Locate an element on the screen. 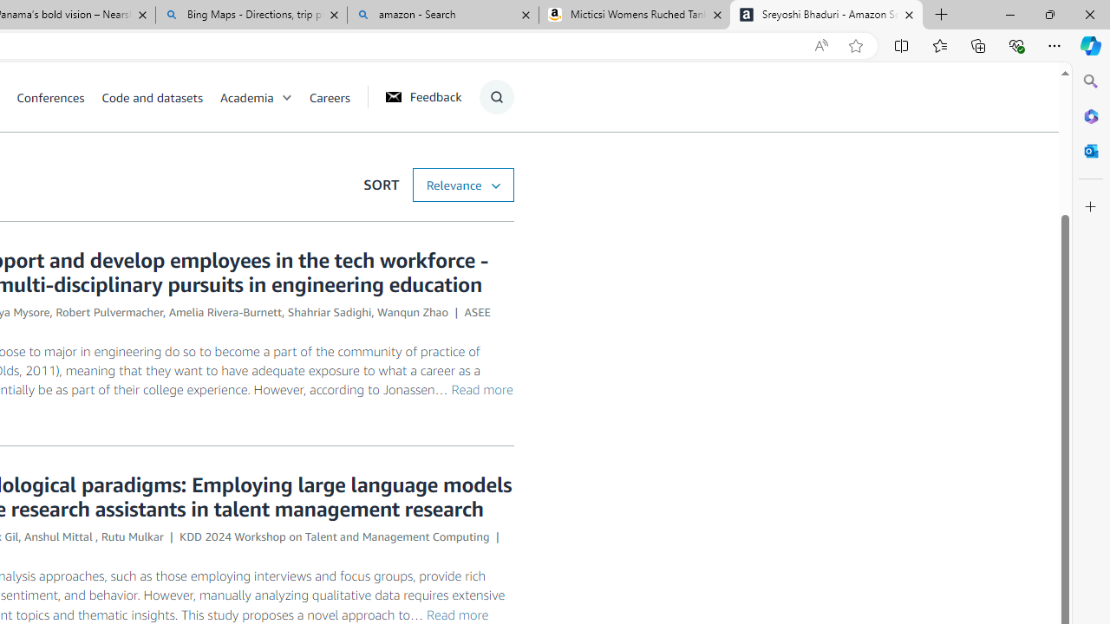 The image size is (1110, 624). 'Conferences' is located at coordinates (50, 96).